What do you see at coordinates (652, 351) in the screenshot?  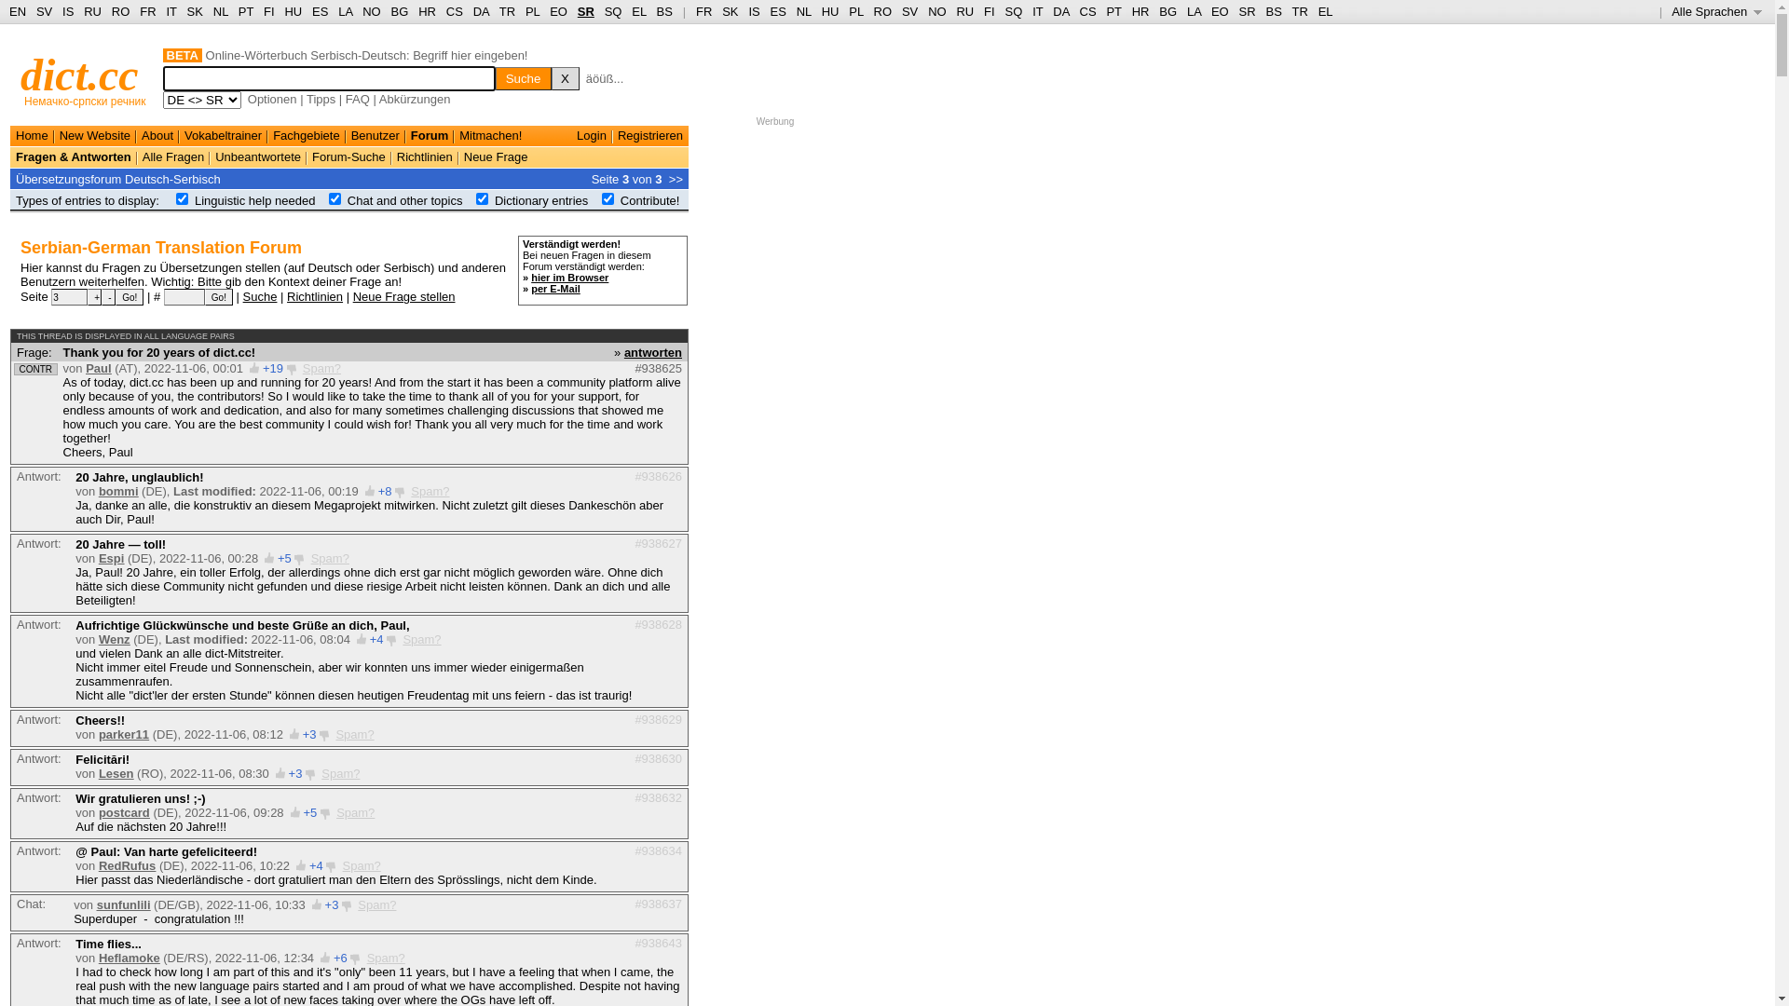 I see `'antworten'` at bounding box center [652, 351].